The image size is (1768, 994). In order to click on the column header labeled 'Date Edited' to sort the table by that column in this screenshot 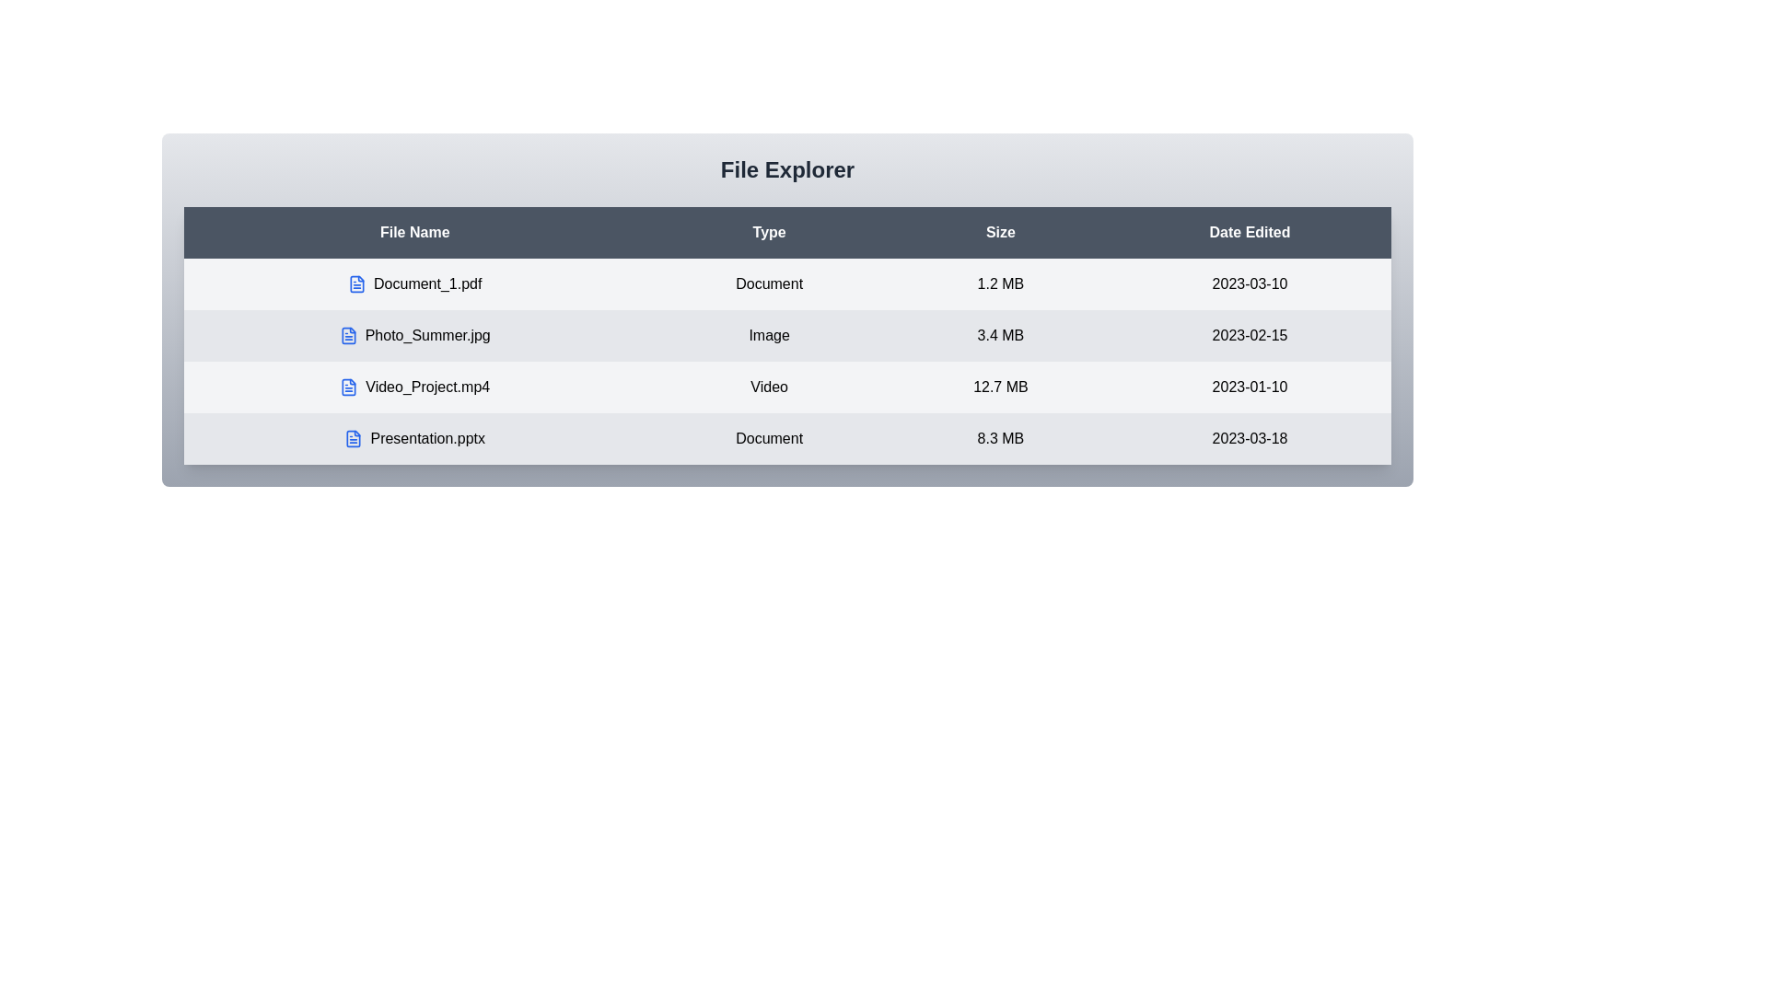, I will do `click(1250, 232)`.